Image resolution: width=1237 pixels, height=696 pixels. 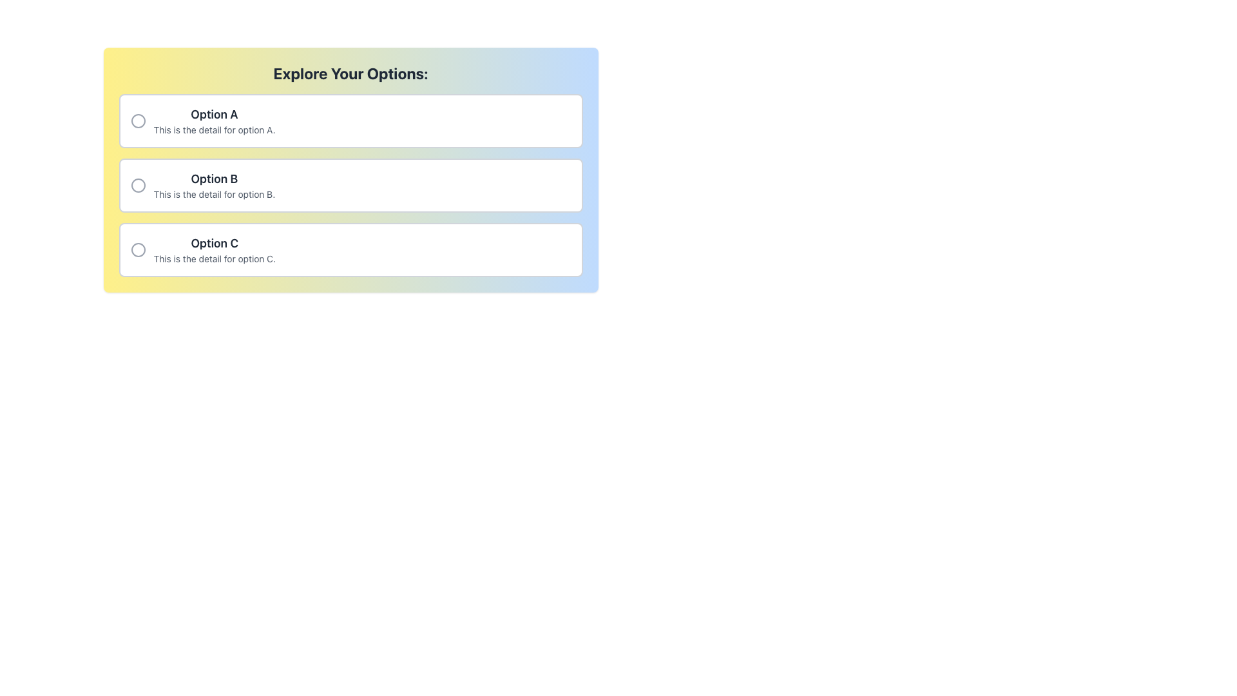 I want to click on the circular radio button indicator with a grey border and grey interior, located to the left of the text 'Option C', so click(x=138, y=250).